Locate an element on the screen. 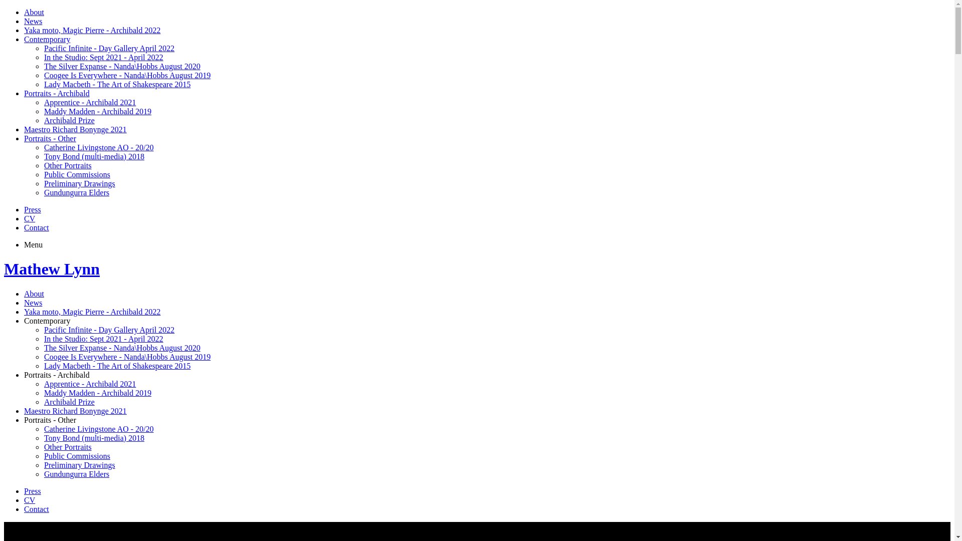  'Gundungurra Elders' is located at coordinates (43, 473).